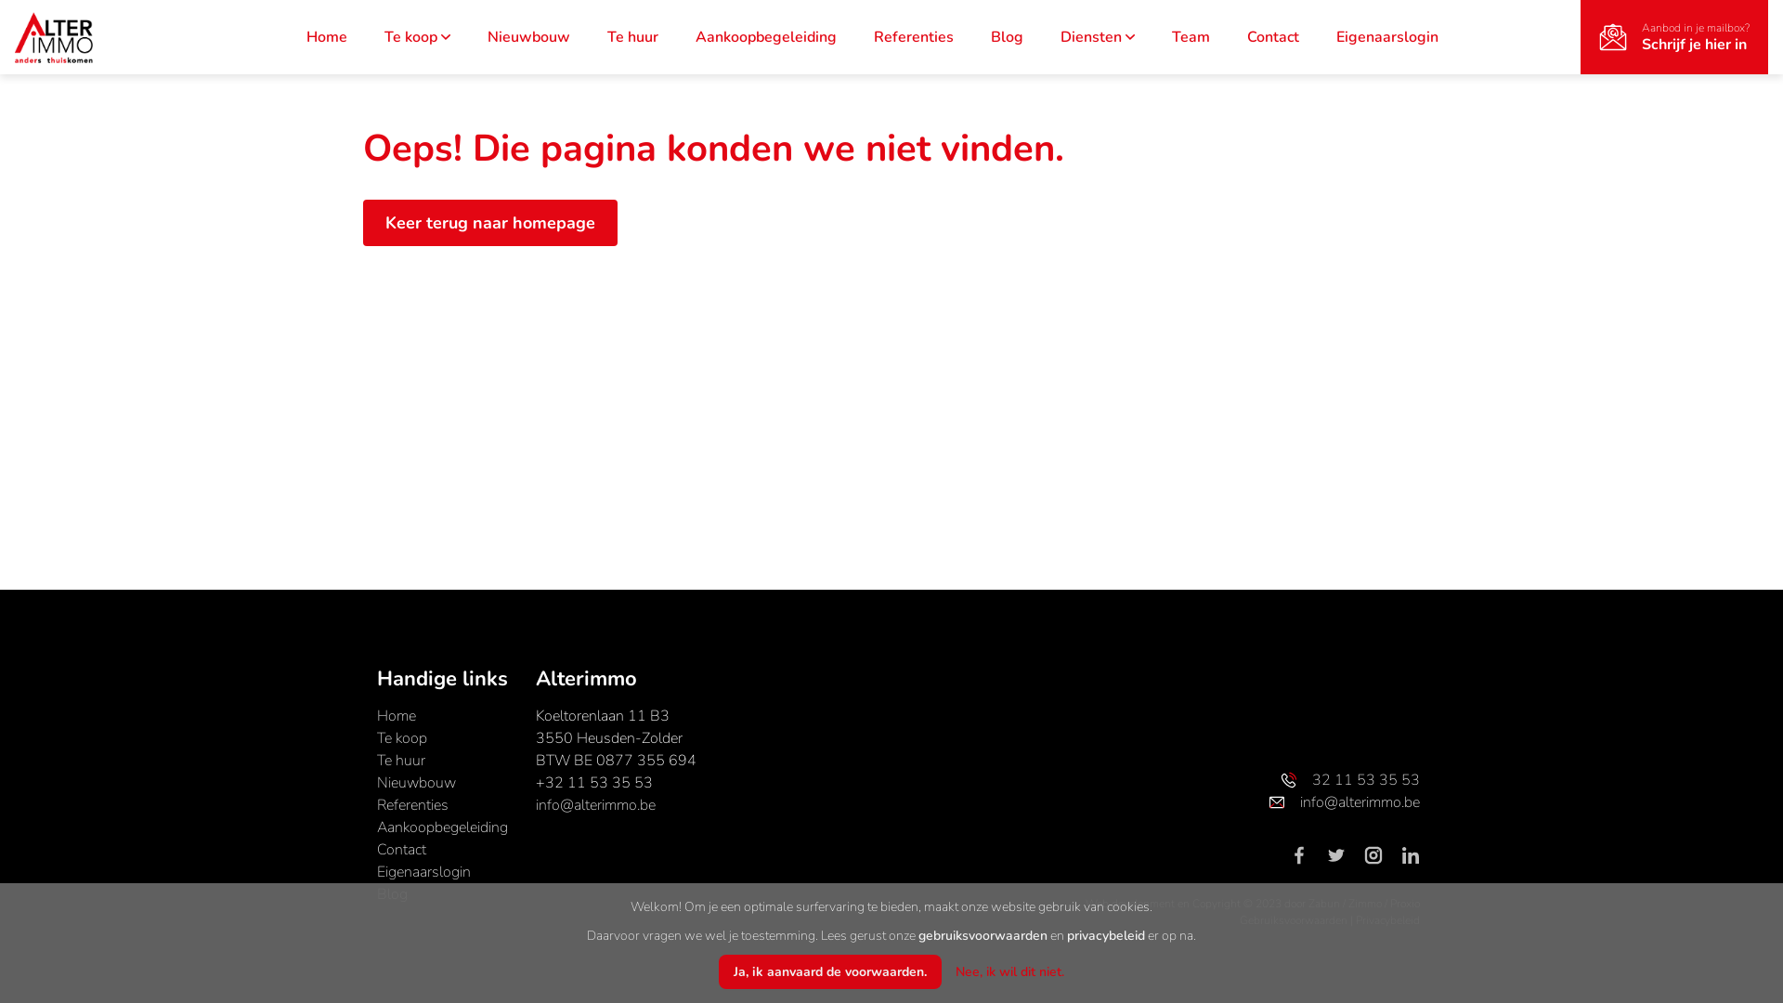  I want to click on 'Team', so click(1191, 36).